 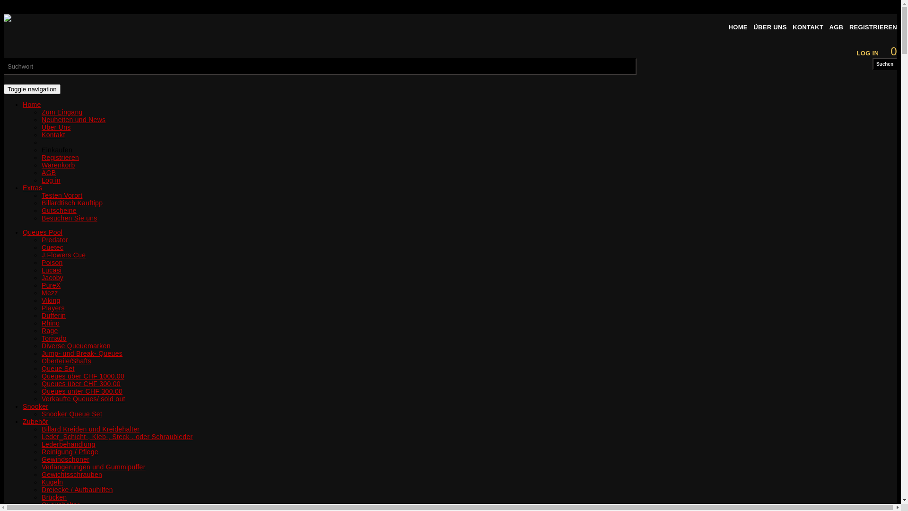 What do you see at coordinates (76, 346) in the screenshot?
I see `'Diverse Queuemarken'` at bounding box center [76, 346].